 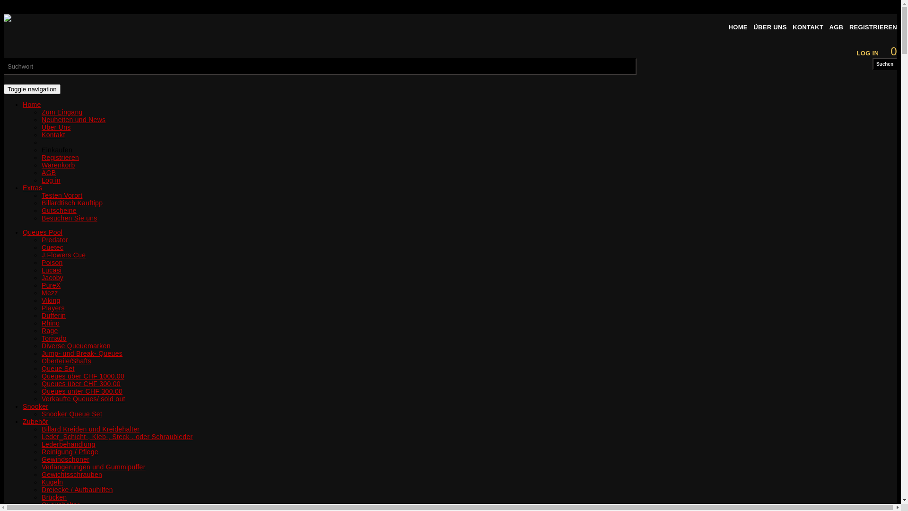 What do you see at coordinates (76, 346) in the screenshot?
I see `'Diverse Queuemarken'` at bounding box center [76, 346].